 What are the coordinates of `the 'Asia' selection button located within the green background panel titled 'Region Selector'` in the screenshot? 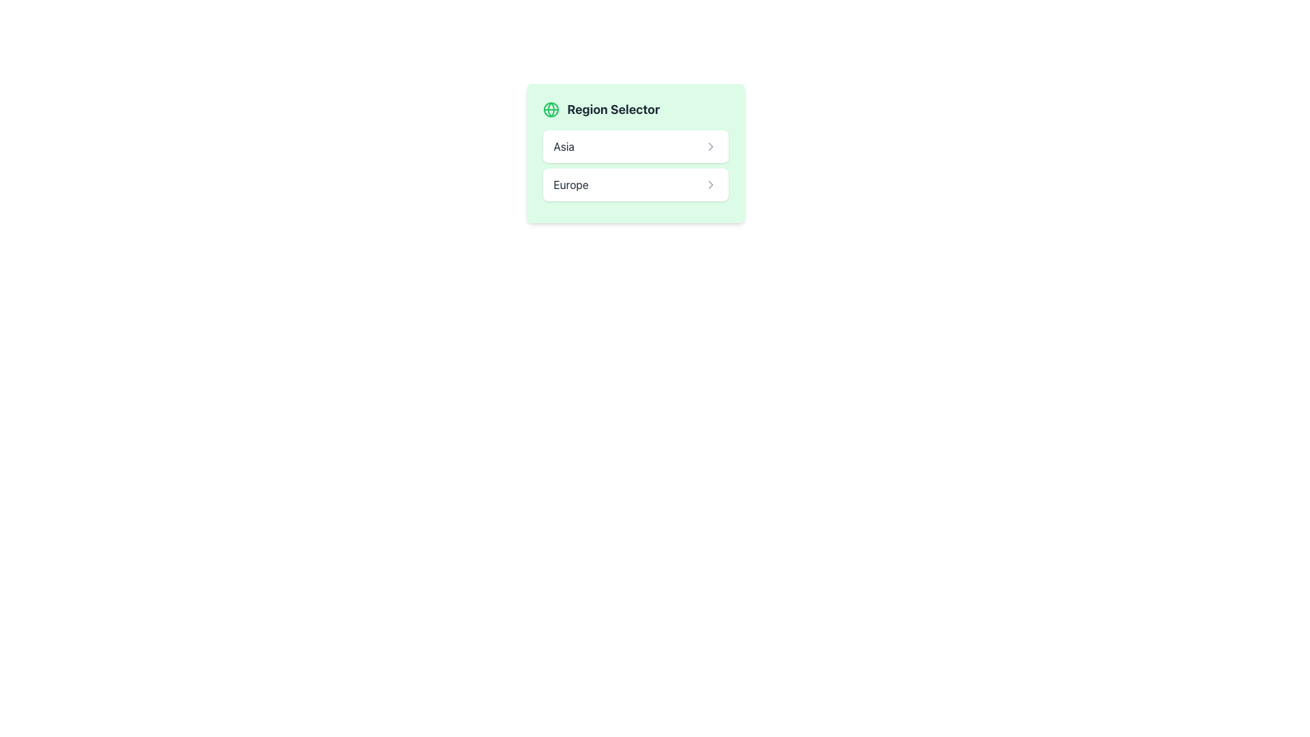 It's located at (635, 153).